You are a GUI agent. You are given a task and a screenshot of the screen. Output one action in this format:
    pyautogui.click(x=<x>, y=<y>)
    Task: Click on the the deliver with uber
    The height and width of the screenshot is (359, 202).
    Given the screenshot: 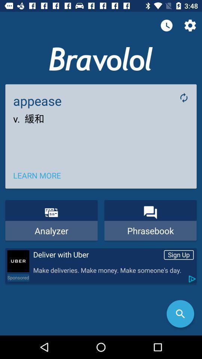 What is the action you would take?
    pyautogui.click(x=97, y=255)
    